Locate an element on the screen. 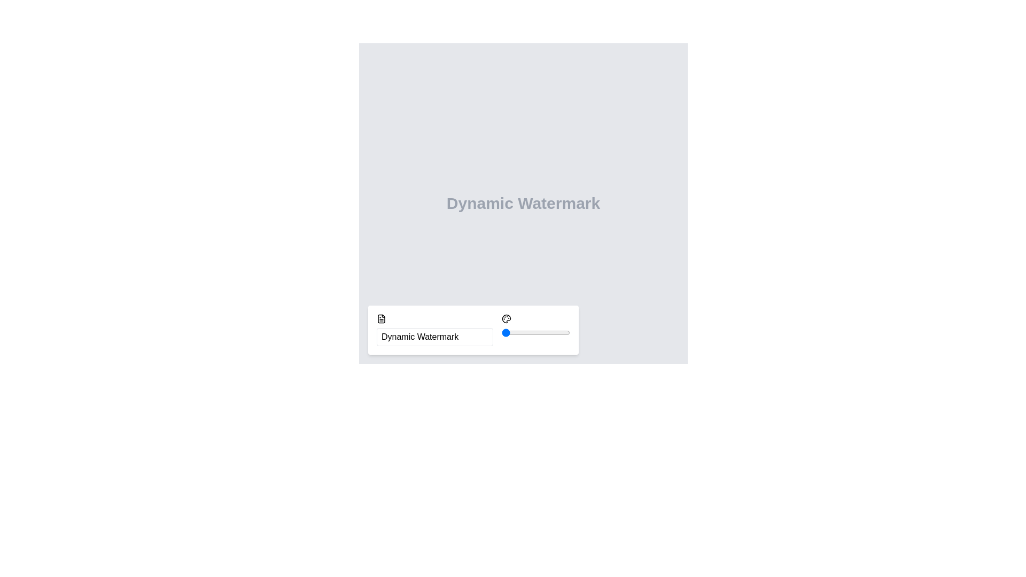 Image resolution: width=1026 pixels, height=577 pixels. rotation angle is located at coordinates (532, 332).